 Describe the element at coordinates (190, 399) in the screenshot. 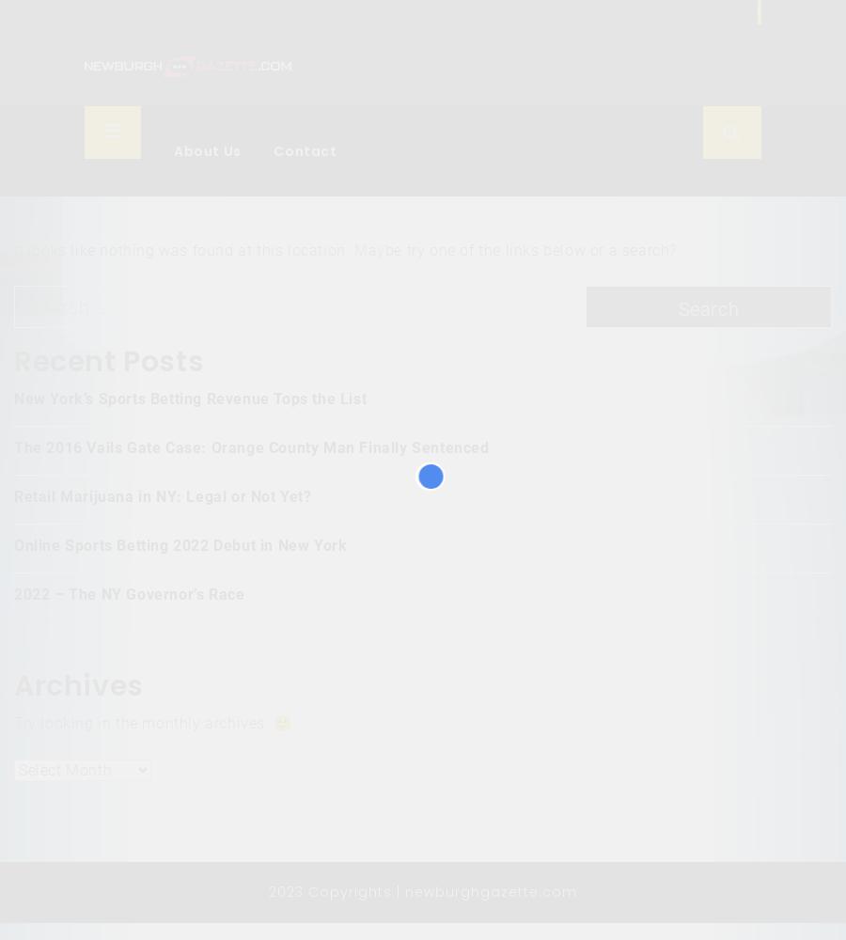

I see `'New York’s Sports Betting Revenue Tops the List'` at that location.